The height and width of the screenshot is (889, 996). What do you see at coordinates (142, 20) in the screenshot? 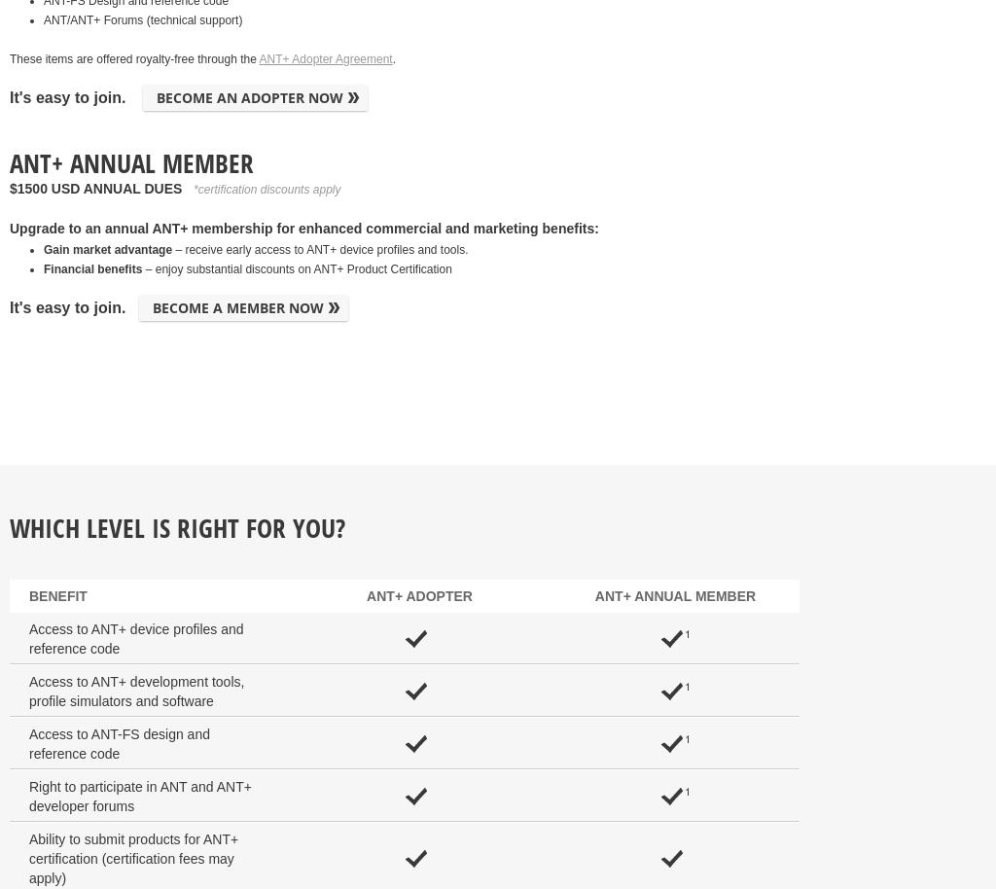
I see `'ANT/ANT+ Forums (technical support)'` at bounding box center [142, 20].